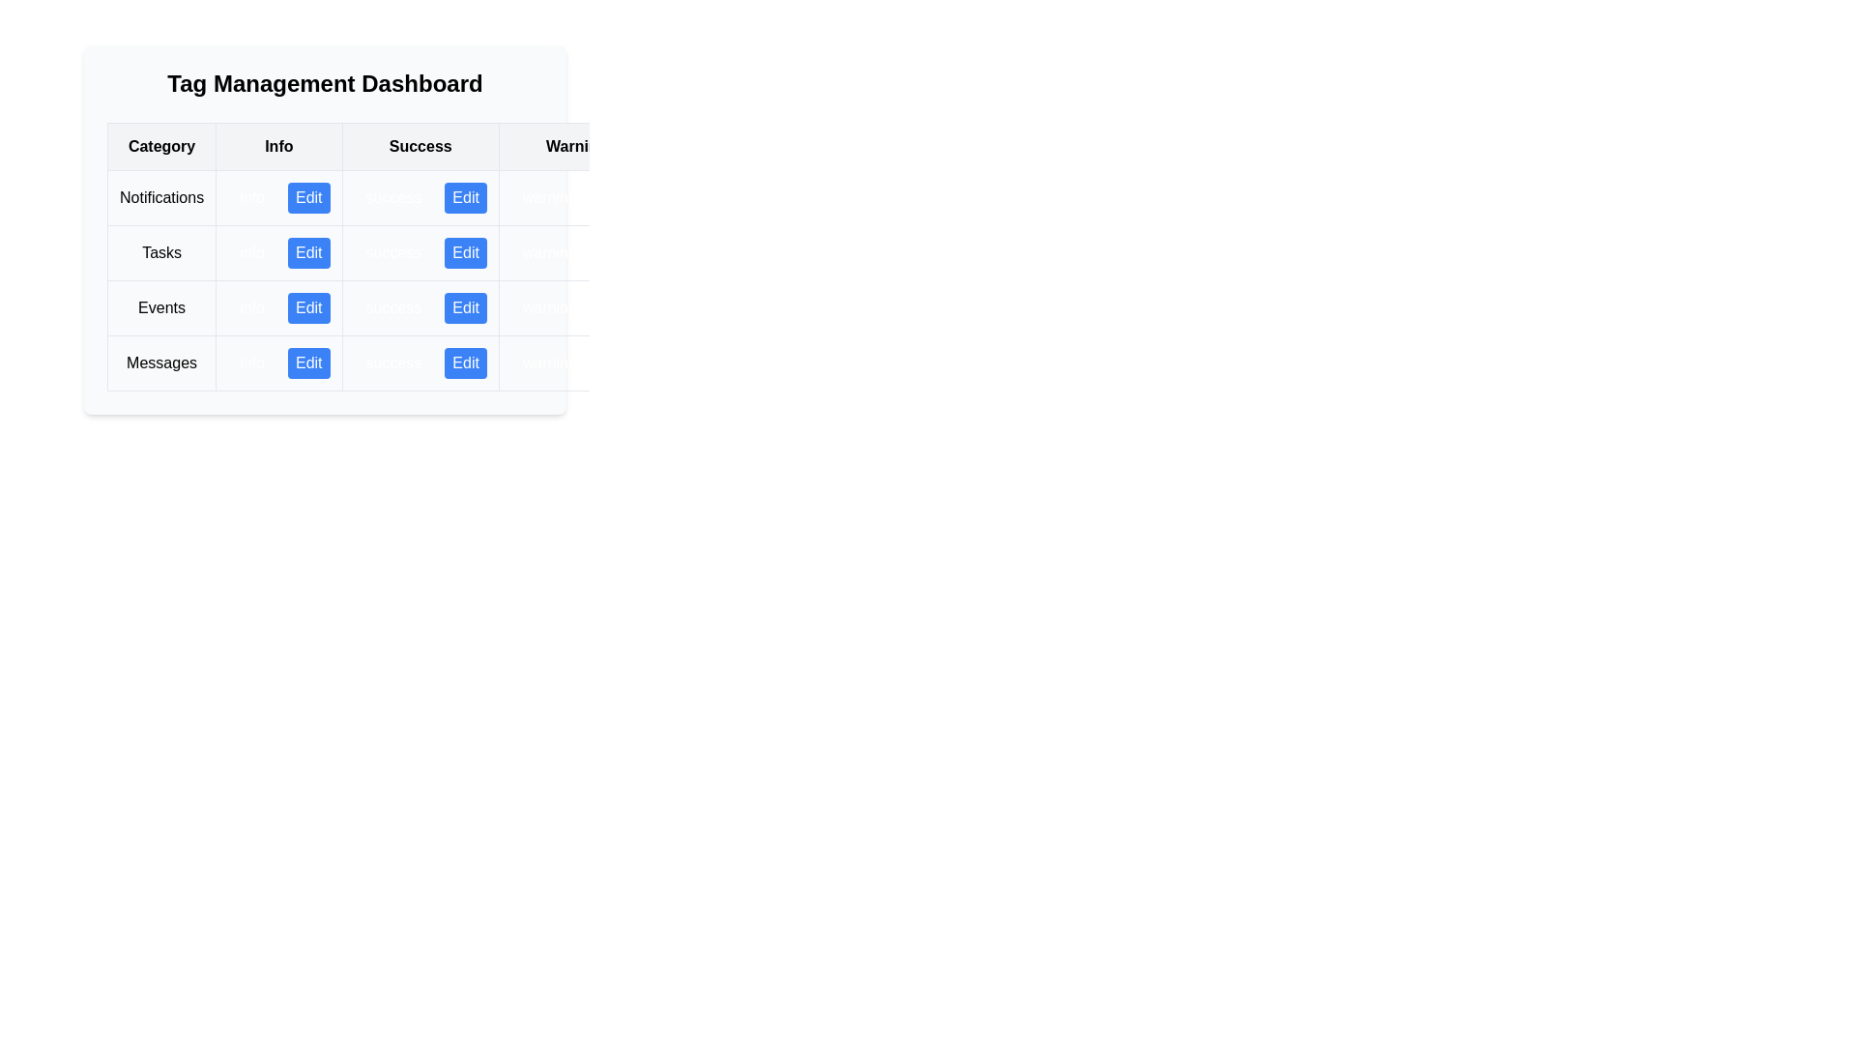 The image size is (1856, 1044). What do you see at coordinates (420, 145) in the screenshot?
I see `the header cell labeled 'Success' located in the third column of a five-column table, which has a light gray background and black capitalized text` at bounding box center [420, 145].